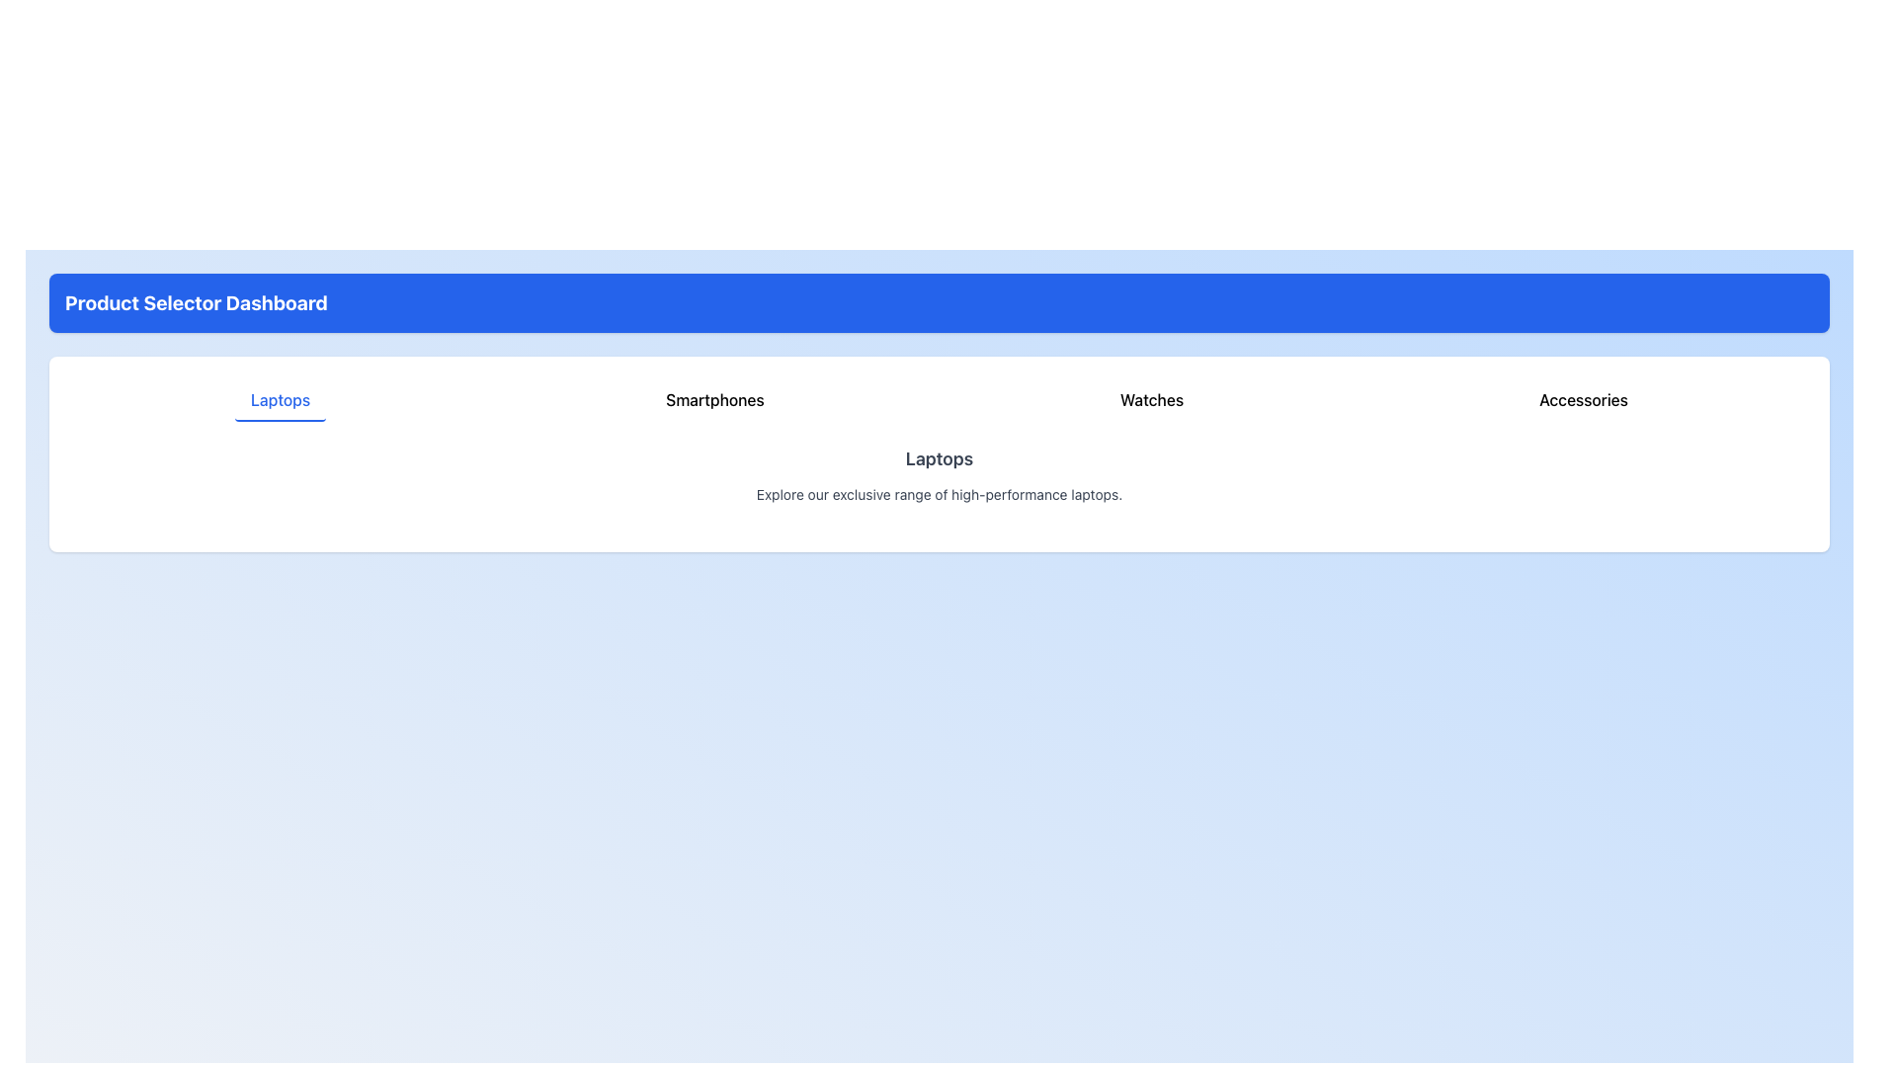 This screenshot has width=1897, height=1067. Describe the element at coordinates (1152, 400) in the screenshot. I see `the 'Watches' button in the navigation menu` at that location.